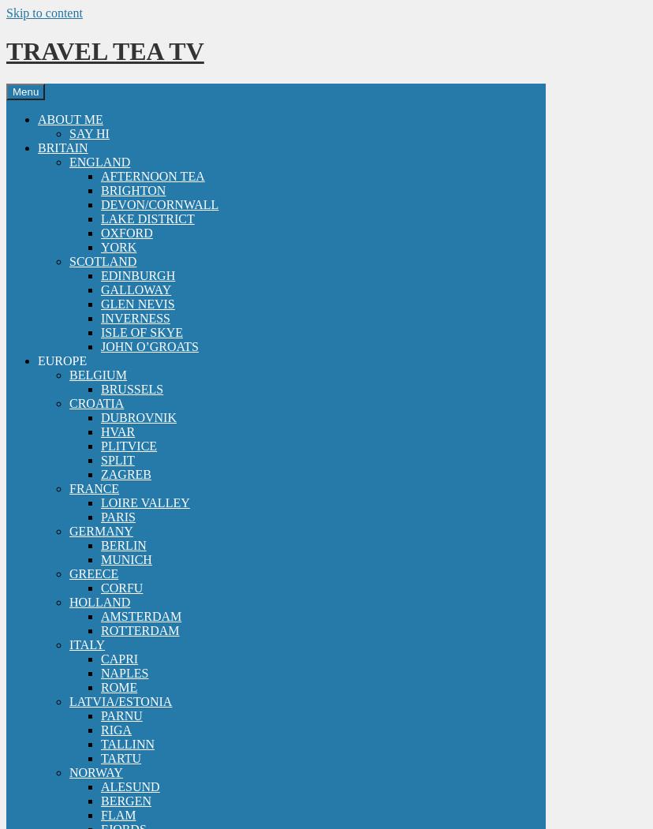  What do you see at coordinates (125, 799) in the screenshot?
I see `'BERGEN'` at bounding box center [125, 799].